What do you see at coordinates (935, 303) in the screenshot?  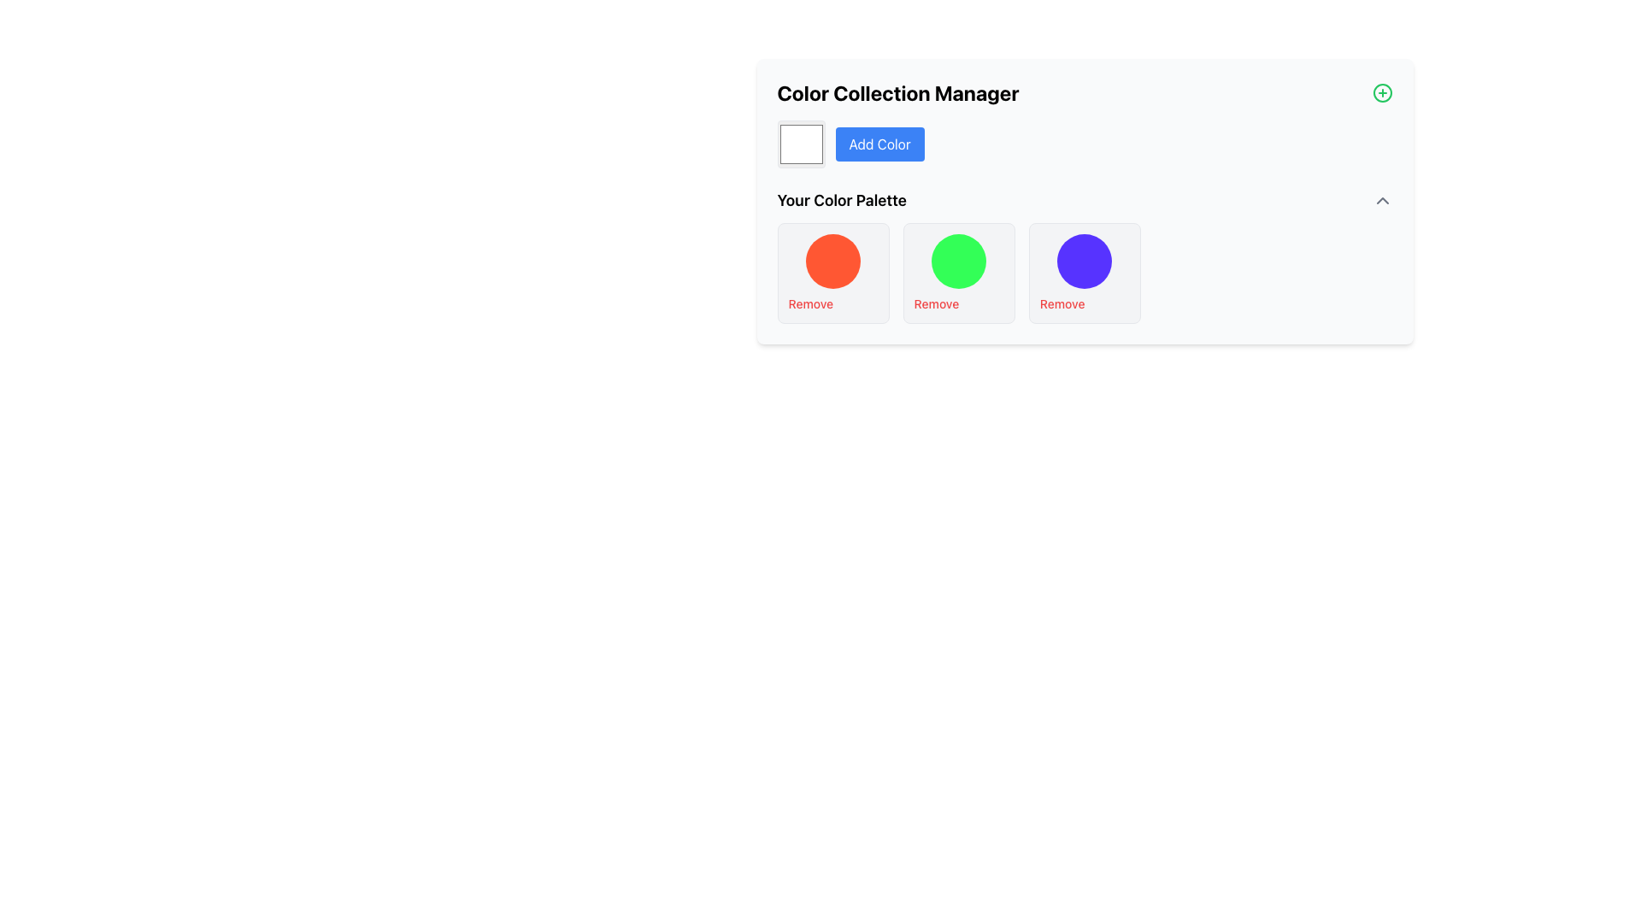 I see `the text label styled as a clickable button located under the green circular icon in the 'Your Color Palette' section` at bounding box center [935, 303].